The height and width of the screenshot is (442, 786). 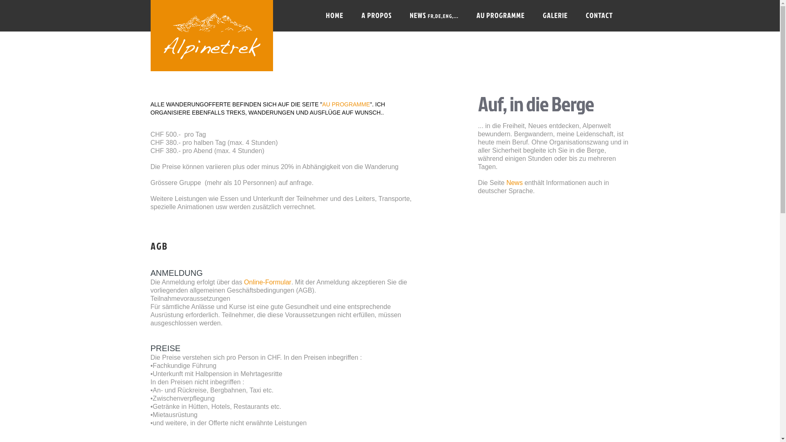 I want to click on 'GALERIE', so click(x=555, y=16).